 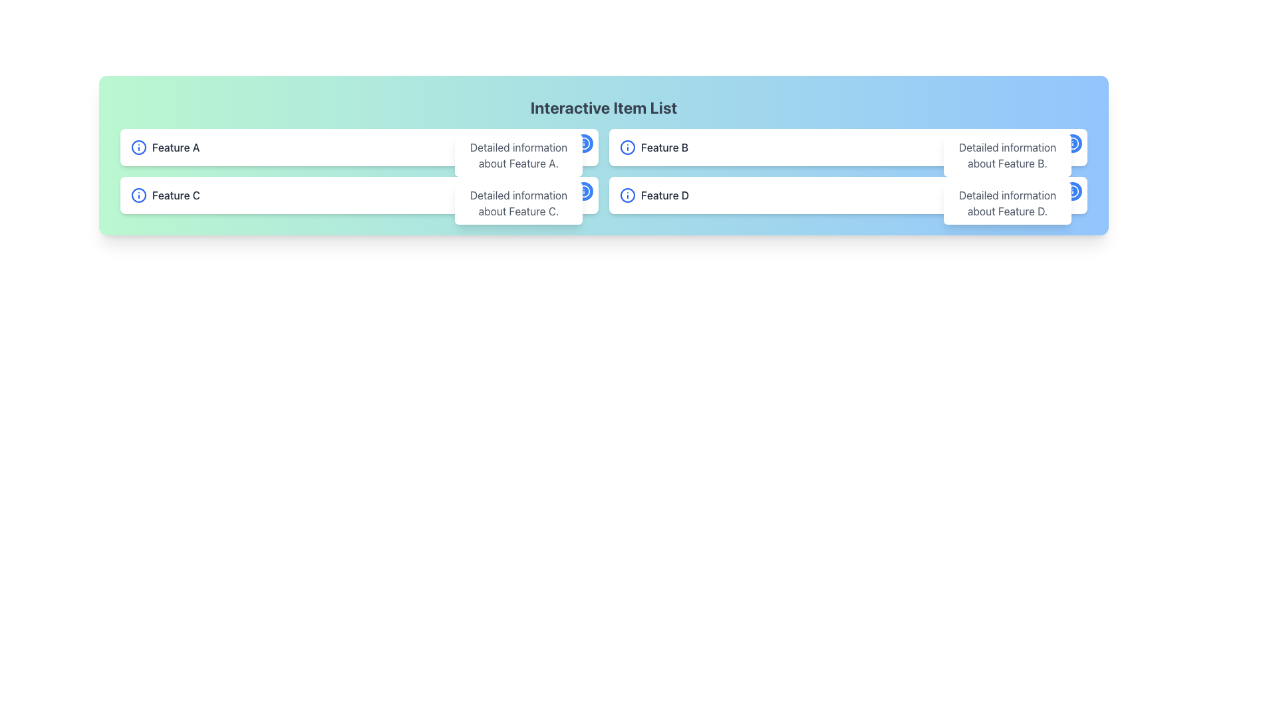 What do you see at coordinates (1072, 144) in the screenshot?
I see `the information icon located on the right side of the second list item in the blue section of the interface` at bounding box center [1072, 144].